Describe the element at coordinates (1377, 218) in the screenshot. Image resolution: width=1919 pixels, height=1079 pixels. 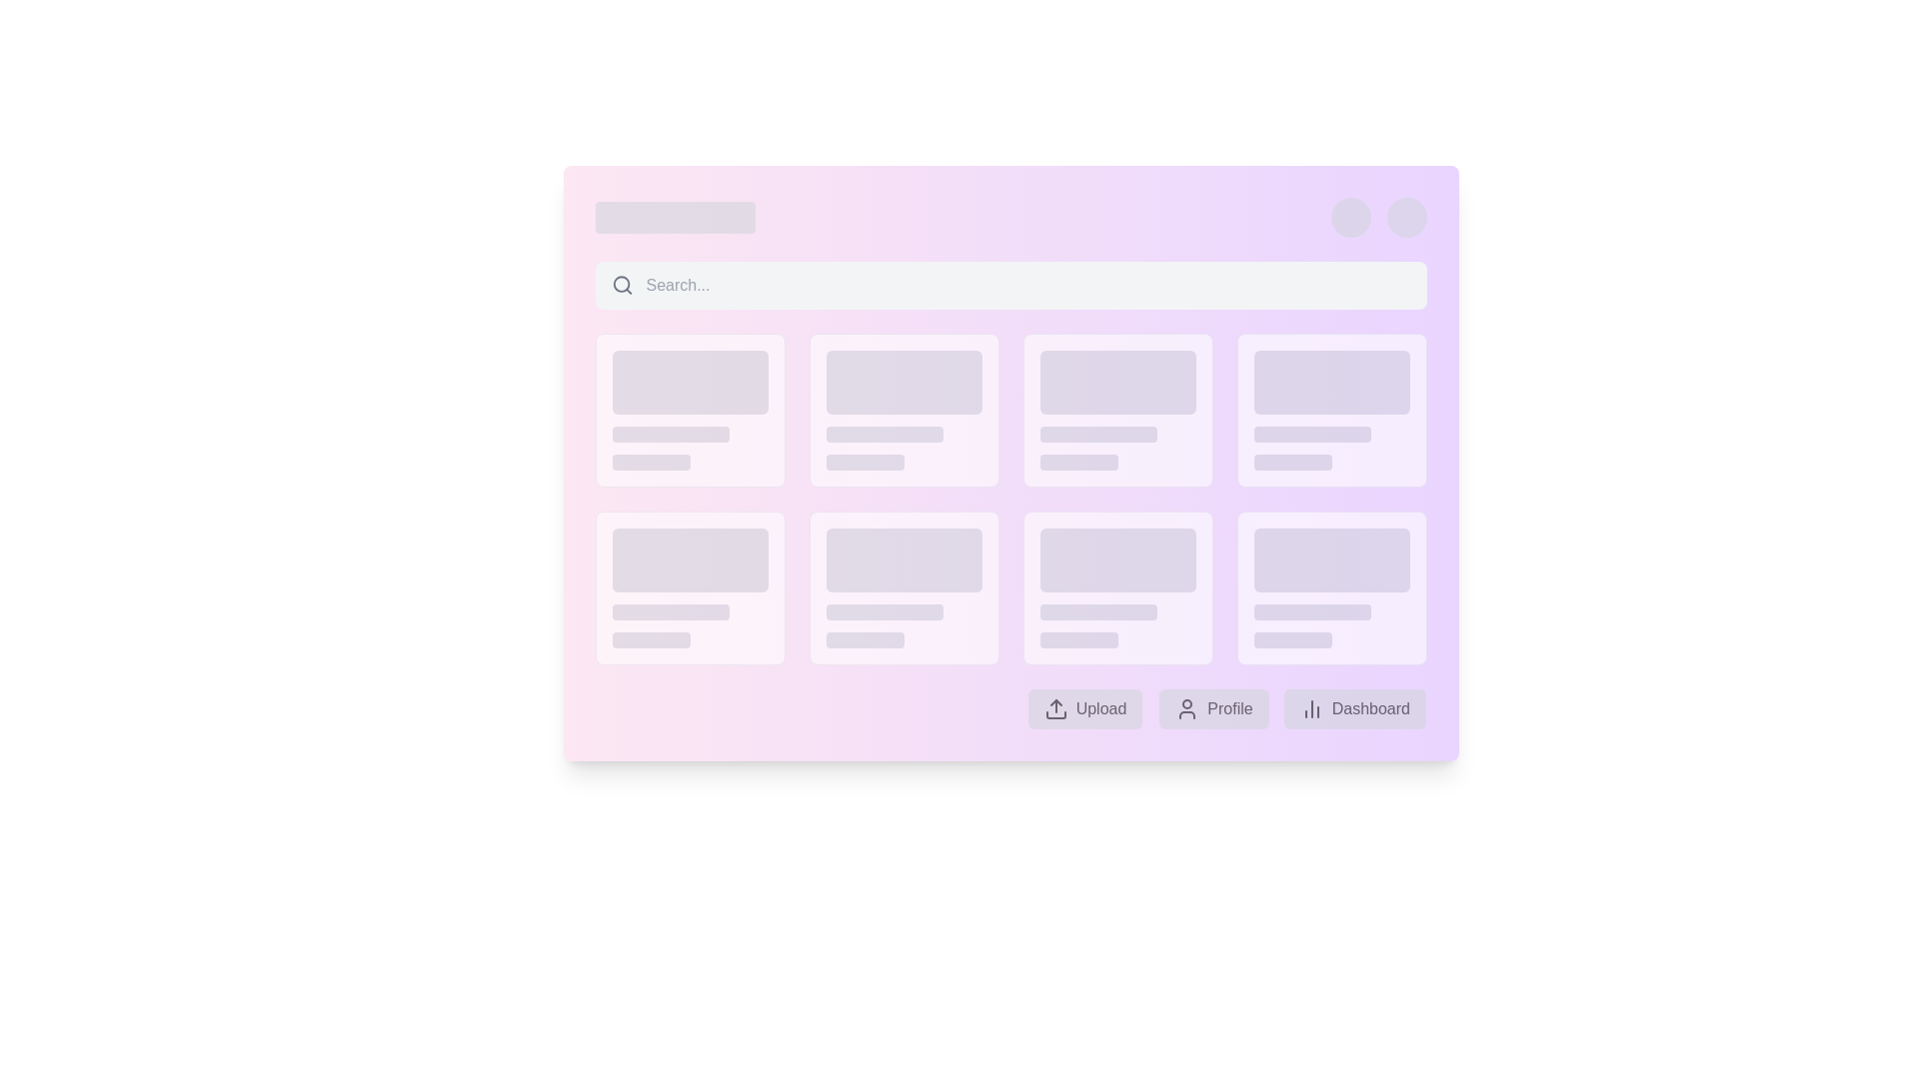
I see `the Placeholder Graphics element, which consists of two light-gray circular components located in the top-right section of the interface` at that location.